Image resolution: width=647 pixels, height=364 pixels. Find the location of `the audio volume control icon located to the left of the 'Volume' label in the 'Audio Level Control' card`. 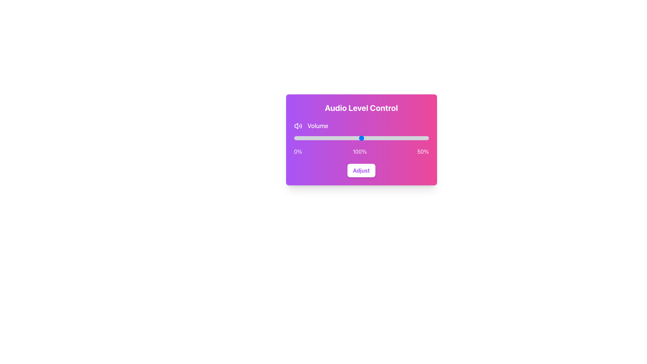

the audio volume control icon located to the left of the 'Volume' label in the 'Audio Level Control' card is located at coordinates (298, 126).